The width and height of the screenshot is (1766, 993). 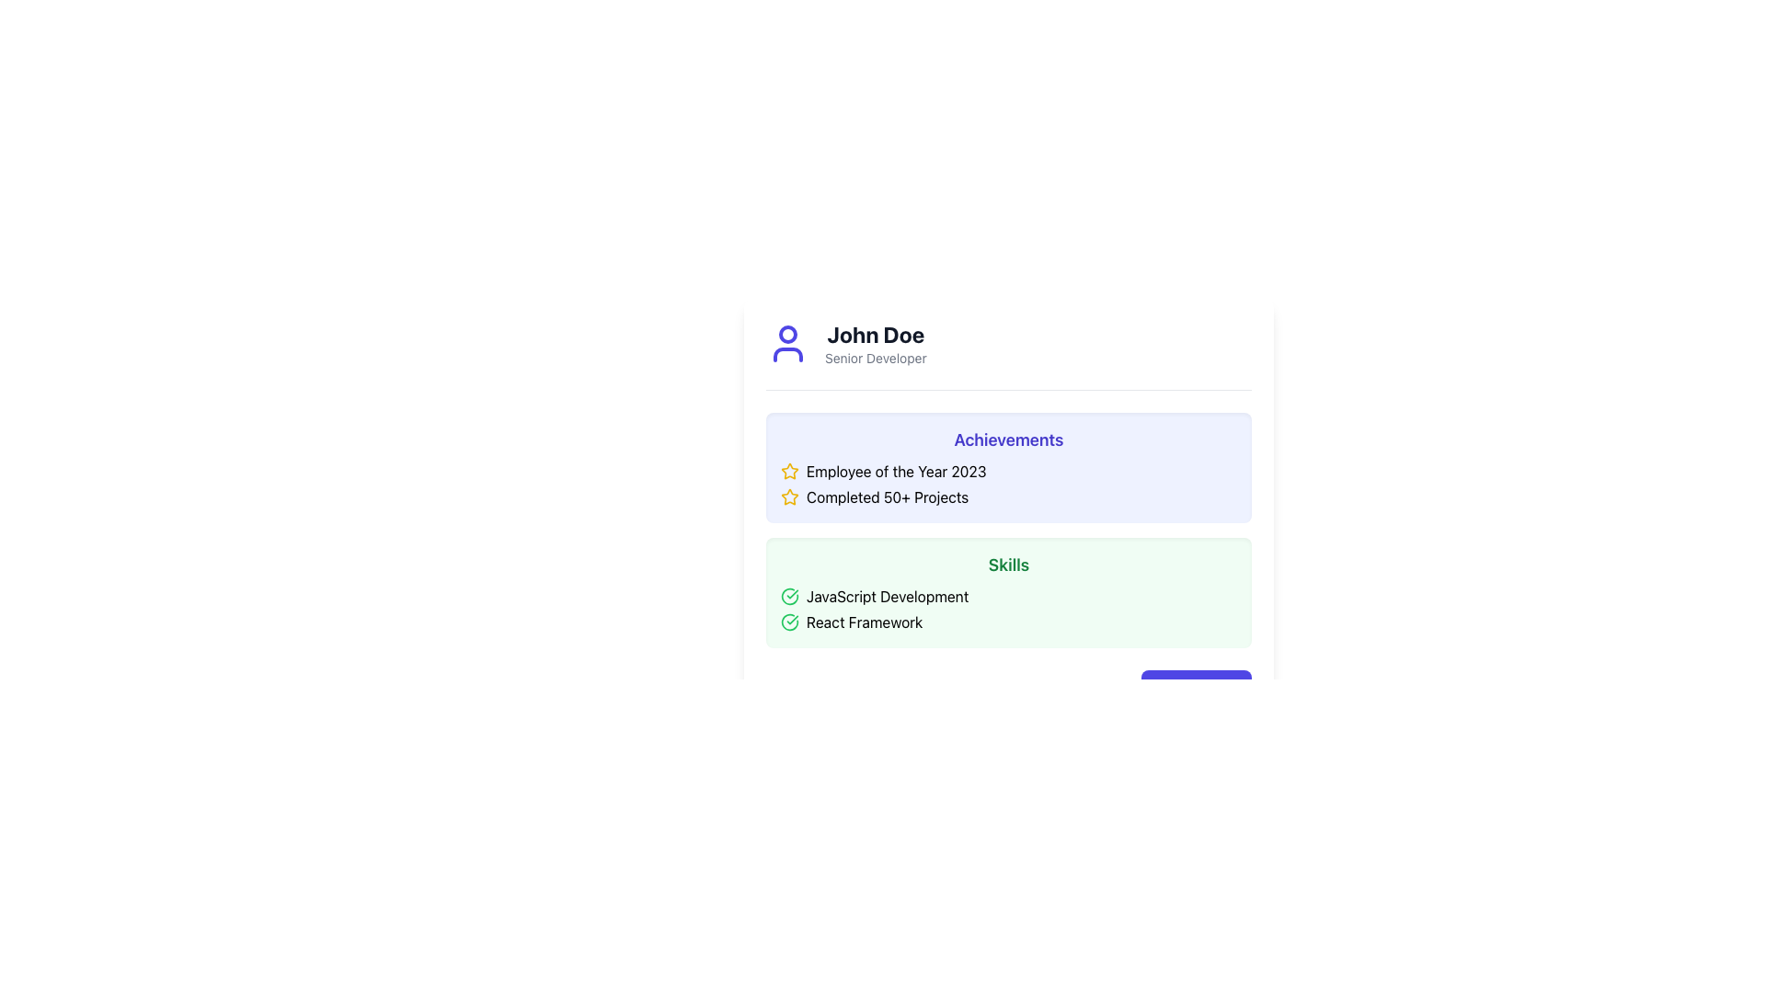 What do you see at coordinates (1008, 622) in the screenshot?
I see `the React Framework proficiency informational item located in the Skills section, which is the second item in the vertically stacked list beneath JavaScript Development` at bounding box center [1008, 622].